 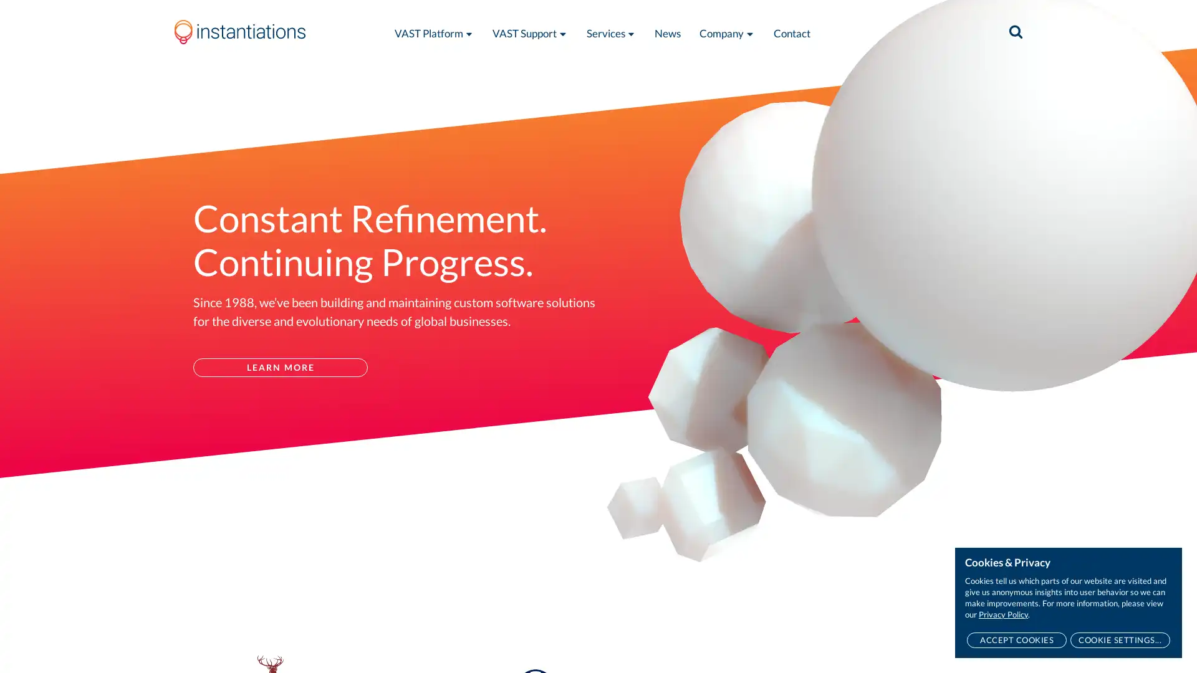 I want to click on COOKIE SETTINGS..., so click(x=1120, y=640).